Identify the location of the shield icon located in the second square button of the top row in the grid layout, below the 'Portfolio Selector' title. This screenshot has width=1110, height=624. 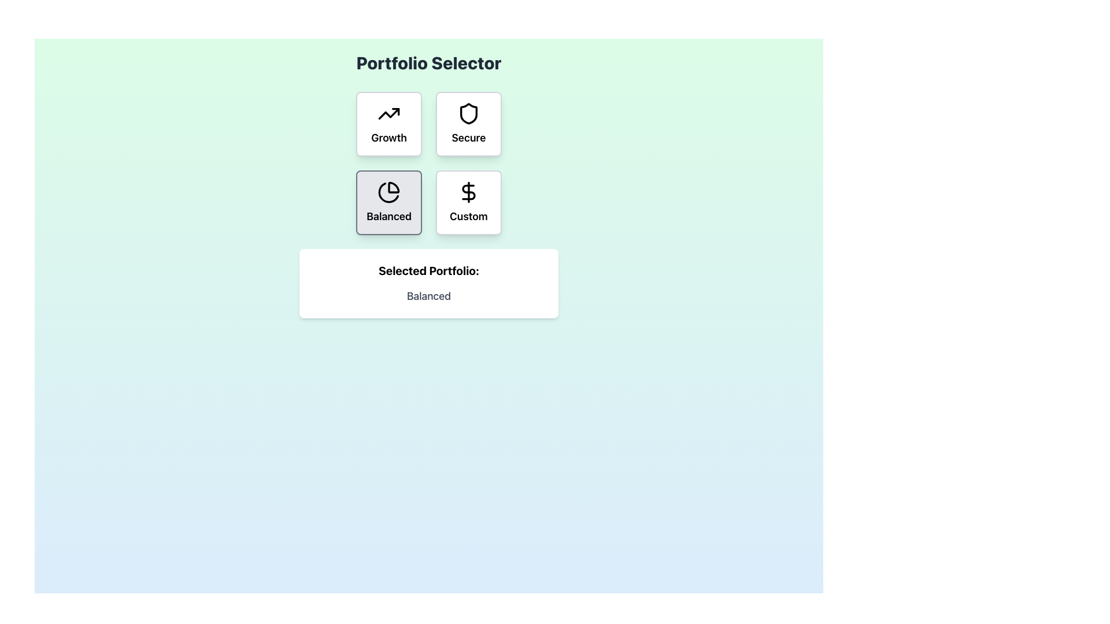
(468, 113).